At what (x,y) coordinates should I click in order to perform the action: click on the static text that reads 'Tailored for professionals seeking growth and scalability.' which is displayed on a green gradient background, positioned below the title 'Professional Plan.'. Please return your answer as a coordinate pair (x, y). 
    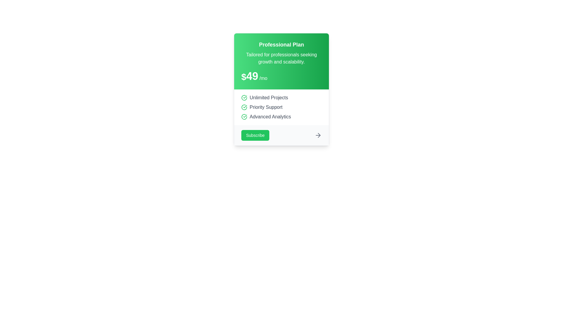
    Looking at the image, I should click on (281, 58).